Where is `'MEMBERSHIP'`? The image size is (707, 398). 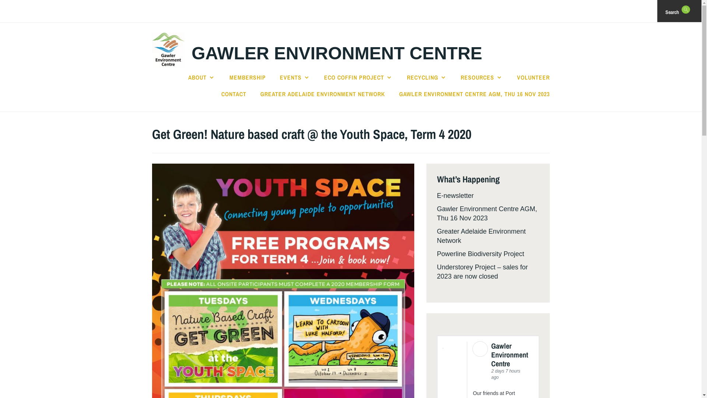
'MEMBERSHIP' is located at coordinates (247, 77).